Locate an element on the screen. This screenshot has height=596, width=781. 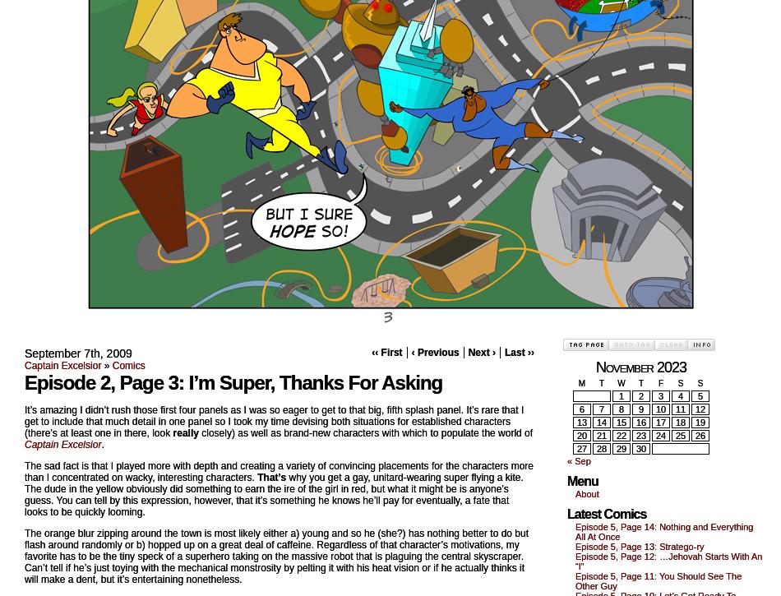
'15' is located at coordinates (620, 423).